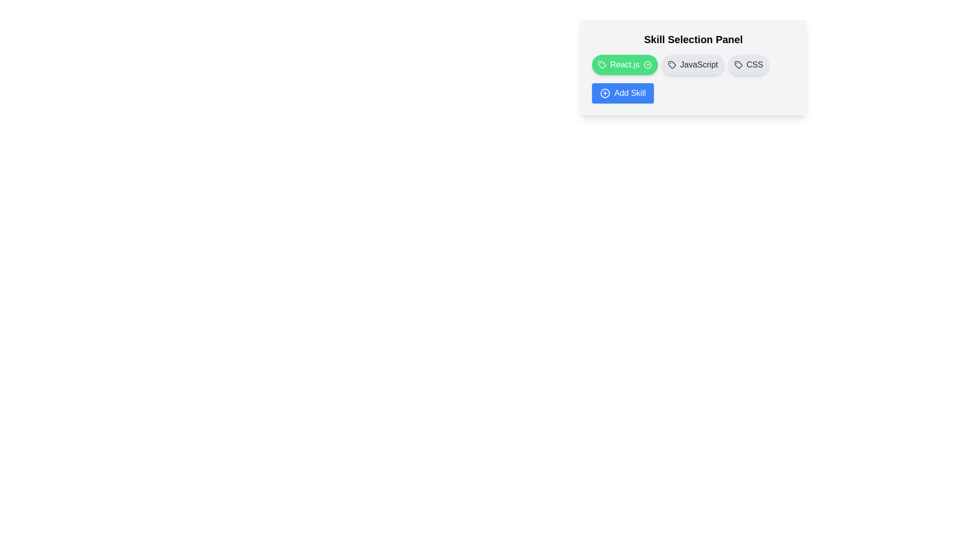 This screenshot has height=548, width=974. What do you see at coordinates (630, 93) in the screenshot?
I see `the 'Add Skill' text label, which is styled with white text on a blue background and located inside a button-like structure in the lower-right section of the 'Skill Selection Panel'` at bounding box center [630, 93].